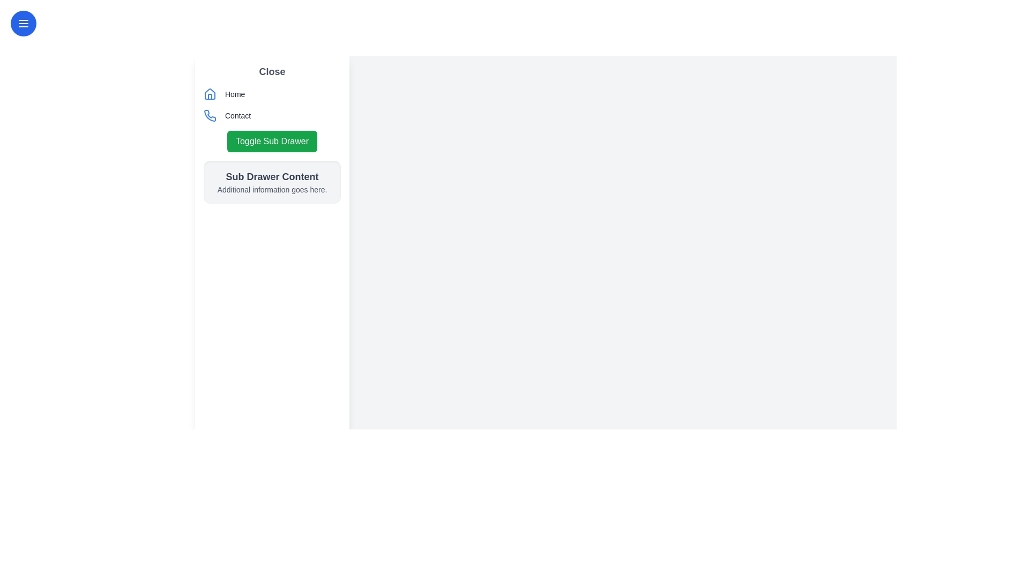 The image size is (1029, 579). Describe the element at coordinates (210, 94) in the screenshot. I see `the 'Home' navigation icon located at the top-left of the vertical menu` at that location.